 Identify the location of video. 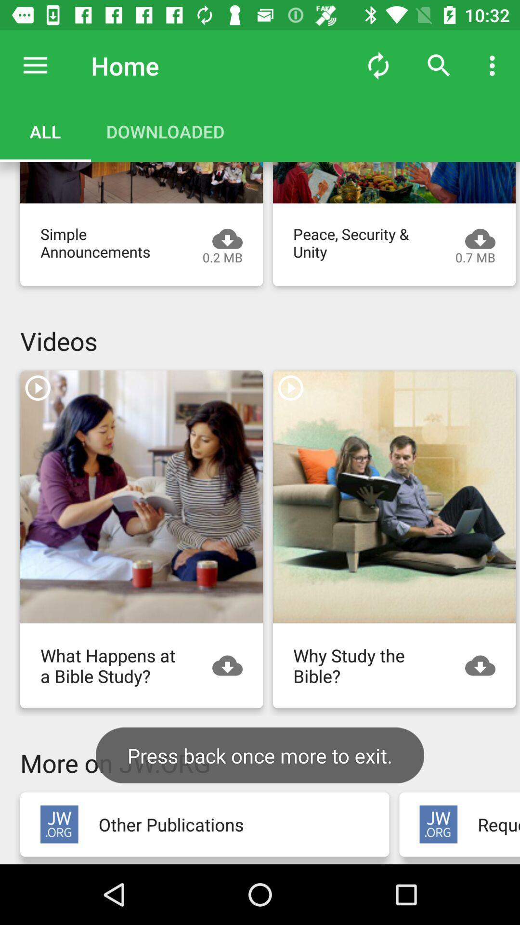
(394, 183).